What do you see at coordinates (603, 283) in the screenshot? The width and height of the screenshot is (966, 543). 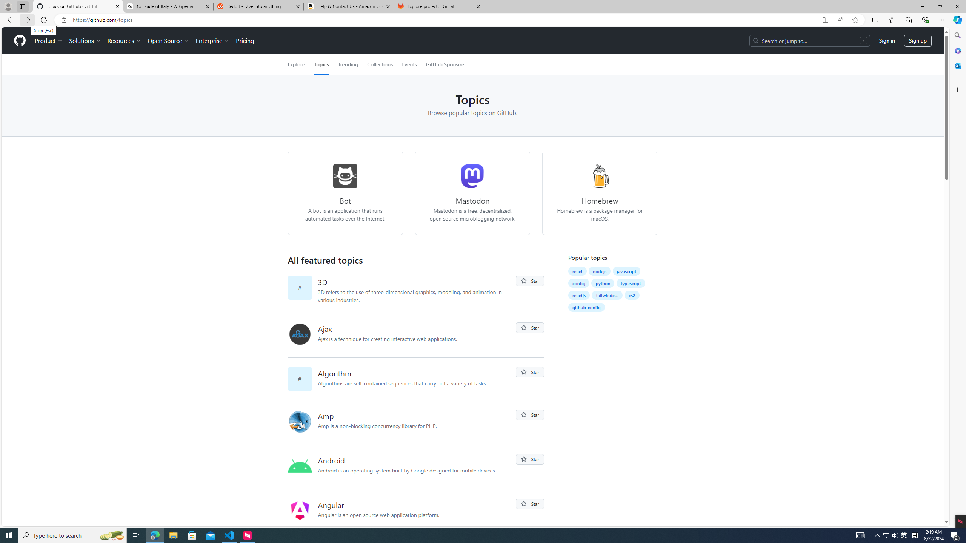 I see `'python'` at bounding box center [603, 283].